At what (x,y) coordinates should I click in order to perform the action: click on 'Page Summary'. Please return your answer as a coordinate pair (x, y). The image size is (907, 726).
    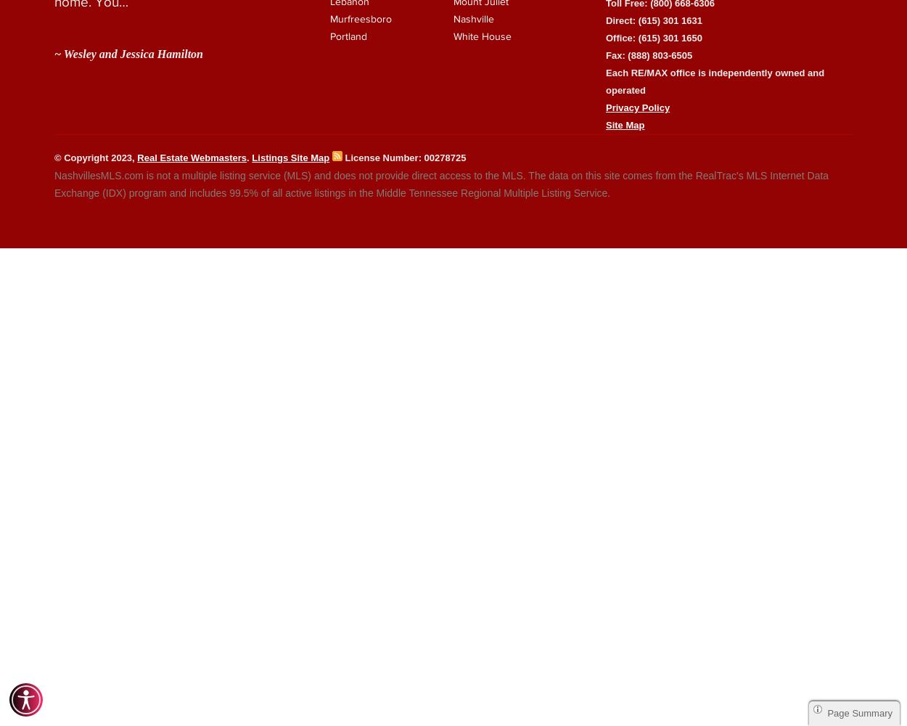
    Looking at the image, I should click on (860, 712).